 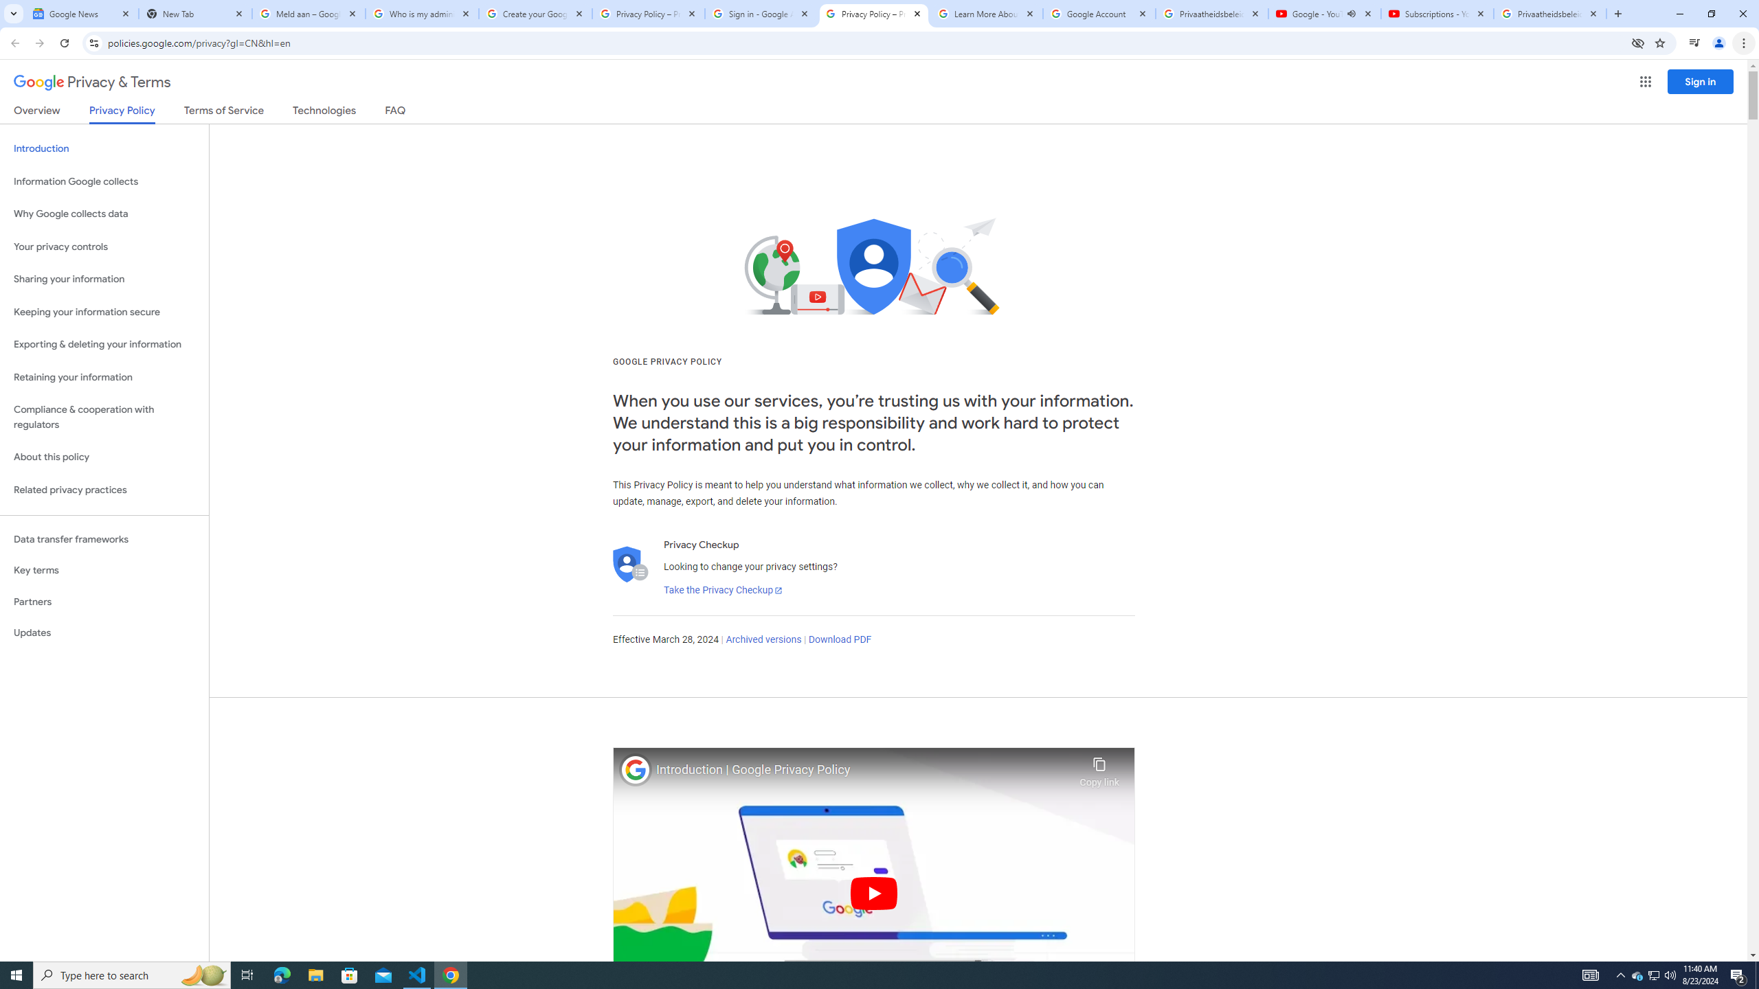 I want to click on 'Information Google collects', so click(x=104, y=181).